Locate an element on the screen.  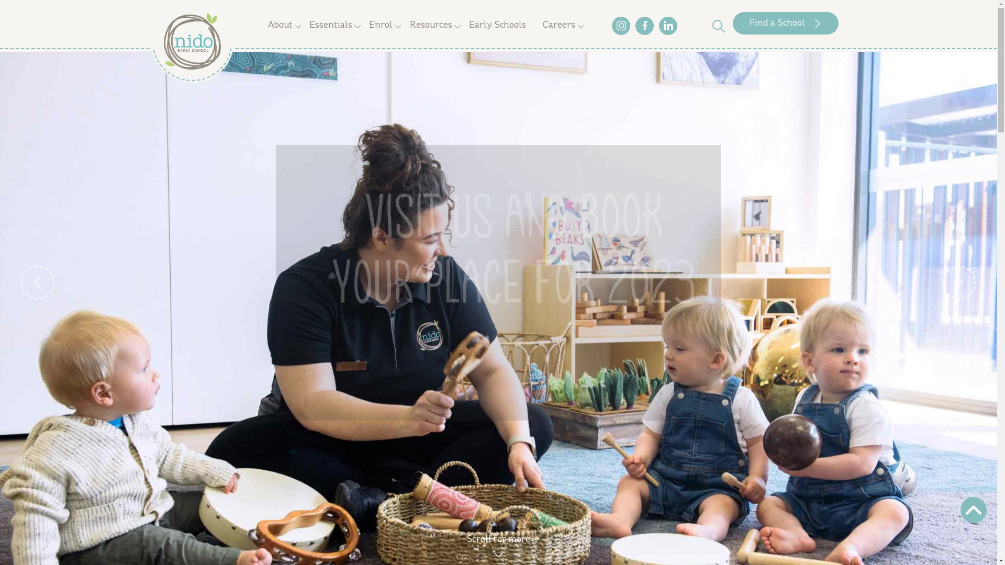
'About' is located at coordinates (280, 25).